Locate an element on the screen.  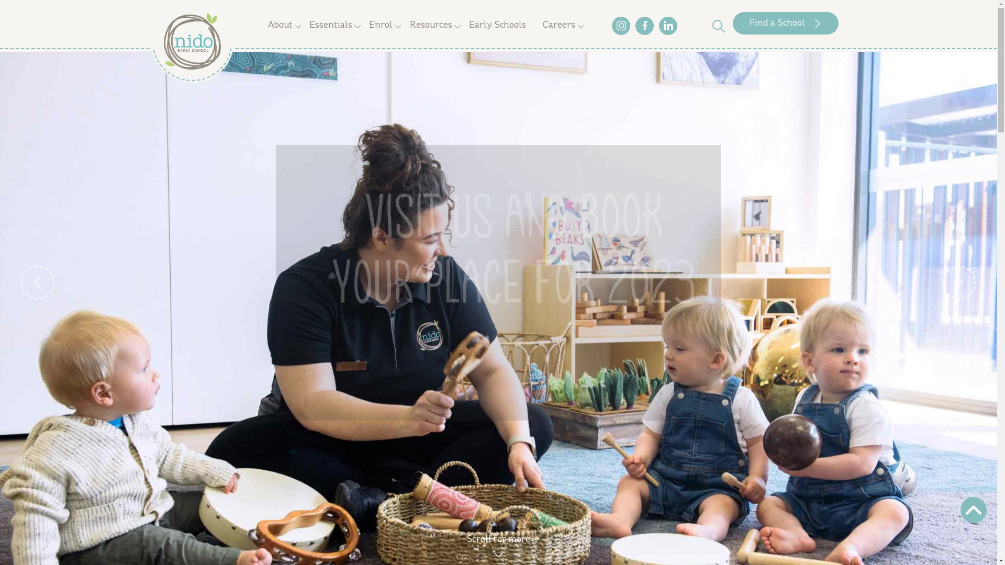
'About' is located at coordinates (280, 25).